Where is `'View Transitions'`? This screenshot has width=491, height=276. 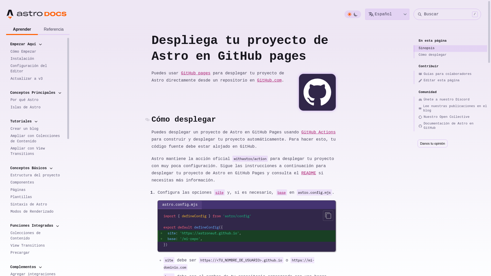 'View Transitions' is located at coordinates (6, 245).